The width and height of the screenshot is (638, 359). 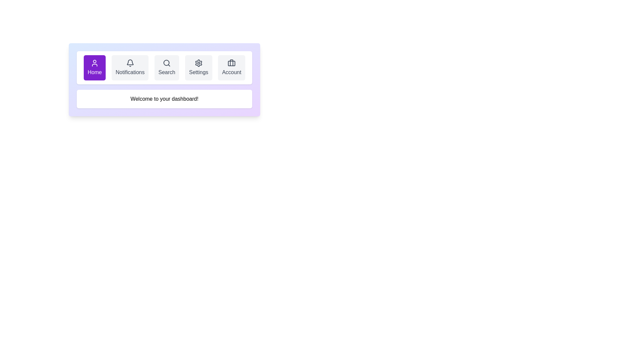 I want to click on the 'Notifications' button, so click(x=130, y=68).